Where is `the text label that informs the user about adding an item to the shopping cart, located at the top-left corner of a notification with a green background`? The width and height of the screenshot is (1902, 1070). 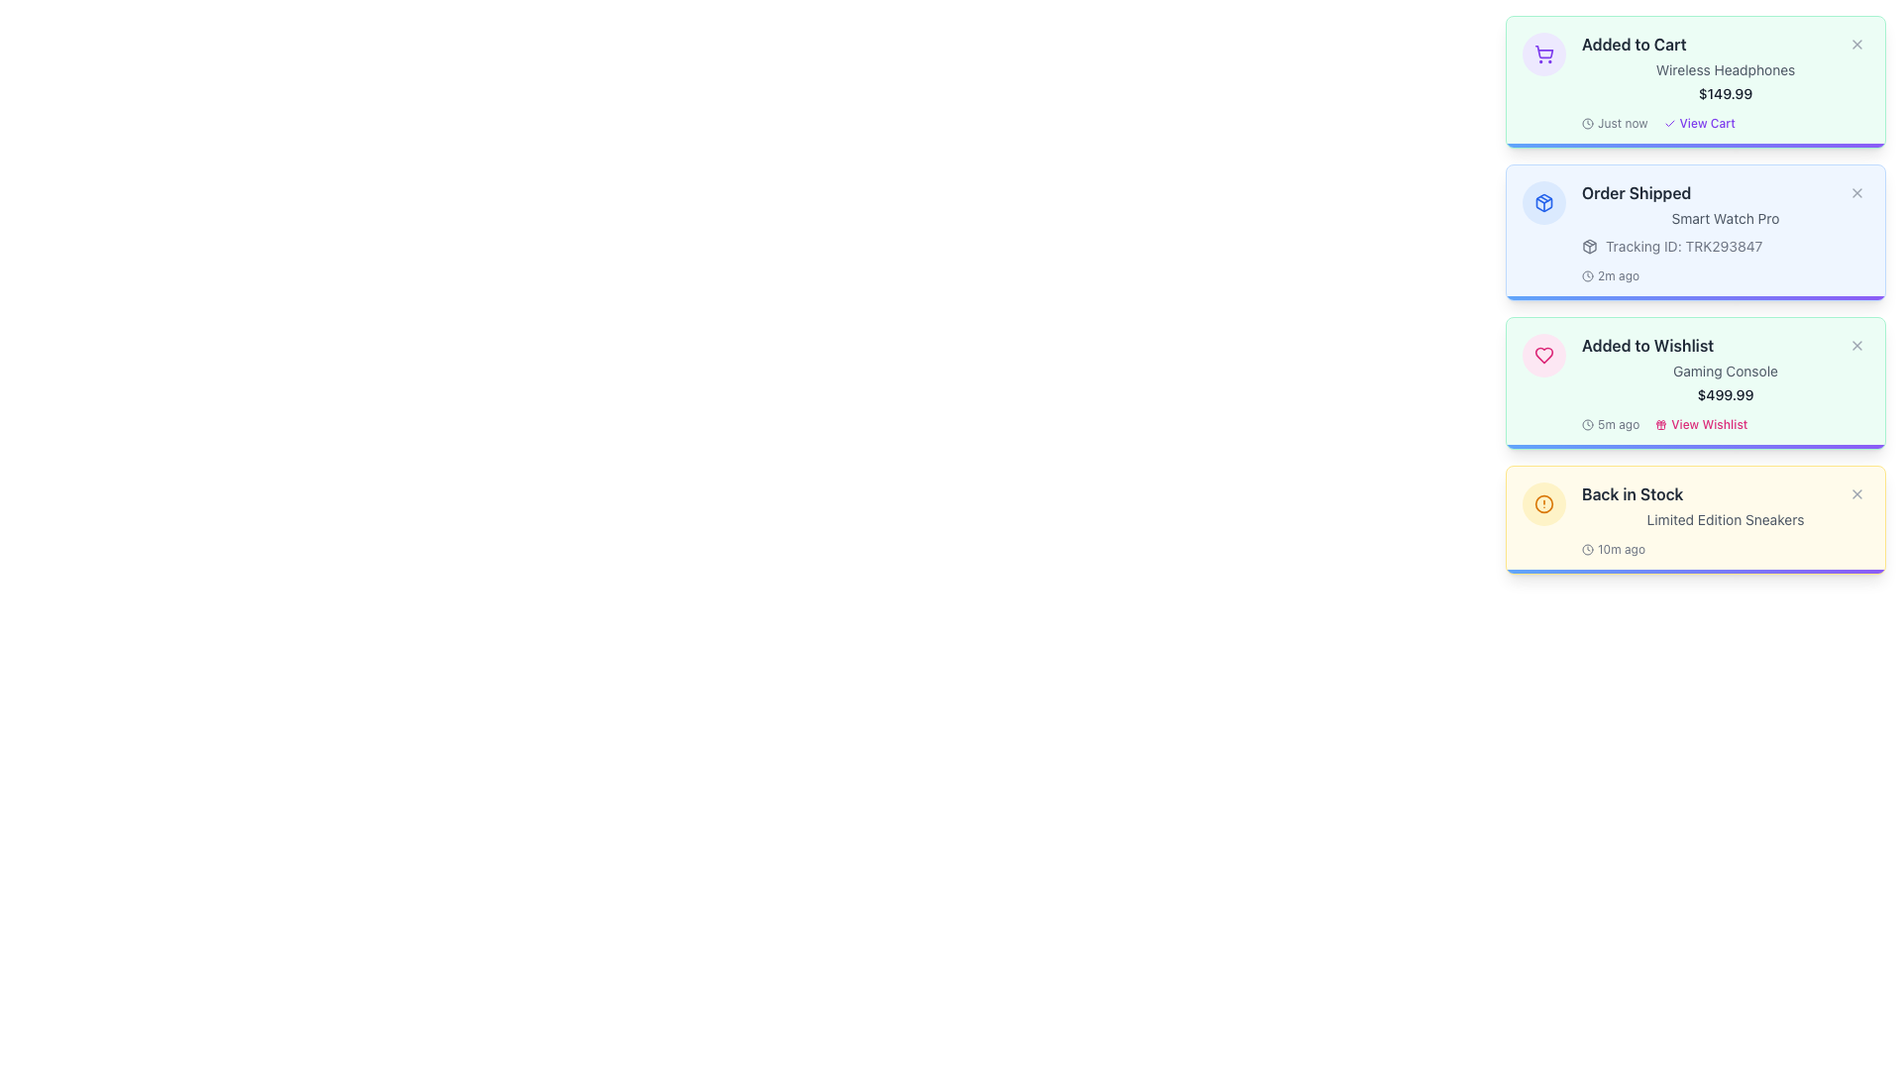 the text label that informs the user about adding an item to the shopping cart, located at the top-left corner of a notification with a green background is located at coordinates (1634, 45).